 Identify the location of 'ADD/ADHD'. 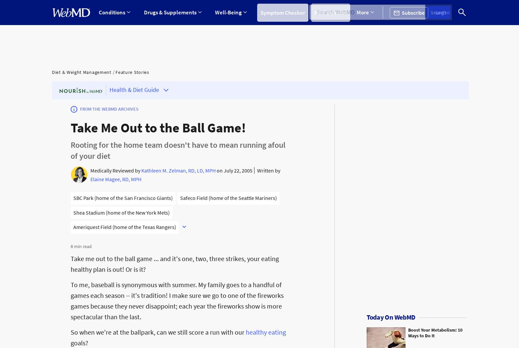
(84, 42).